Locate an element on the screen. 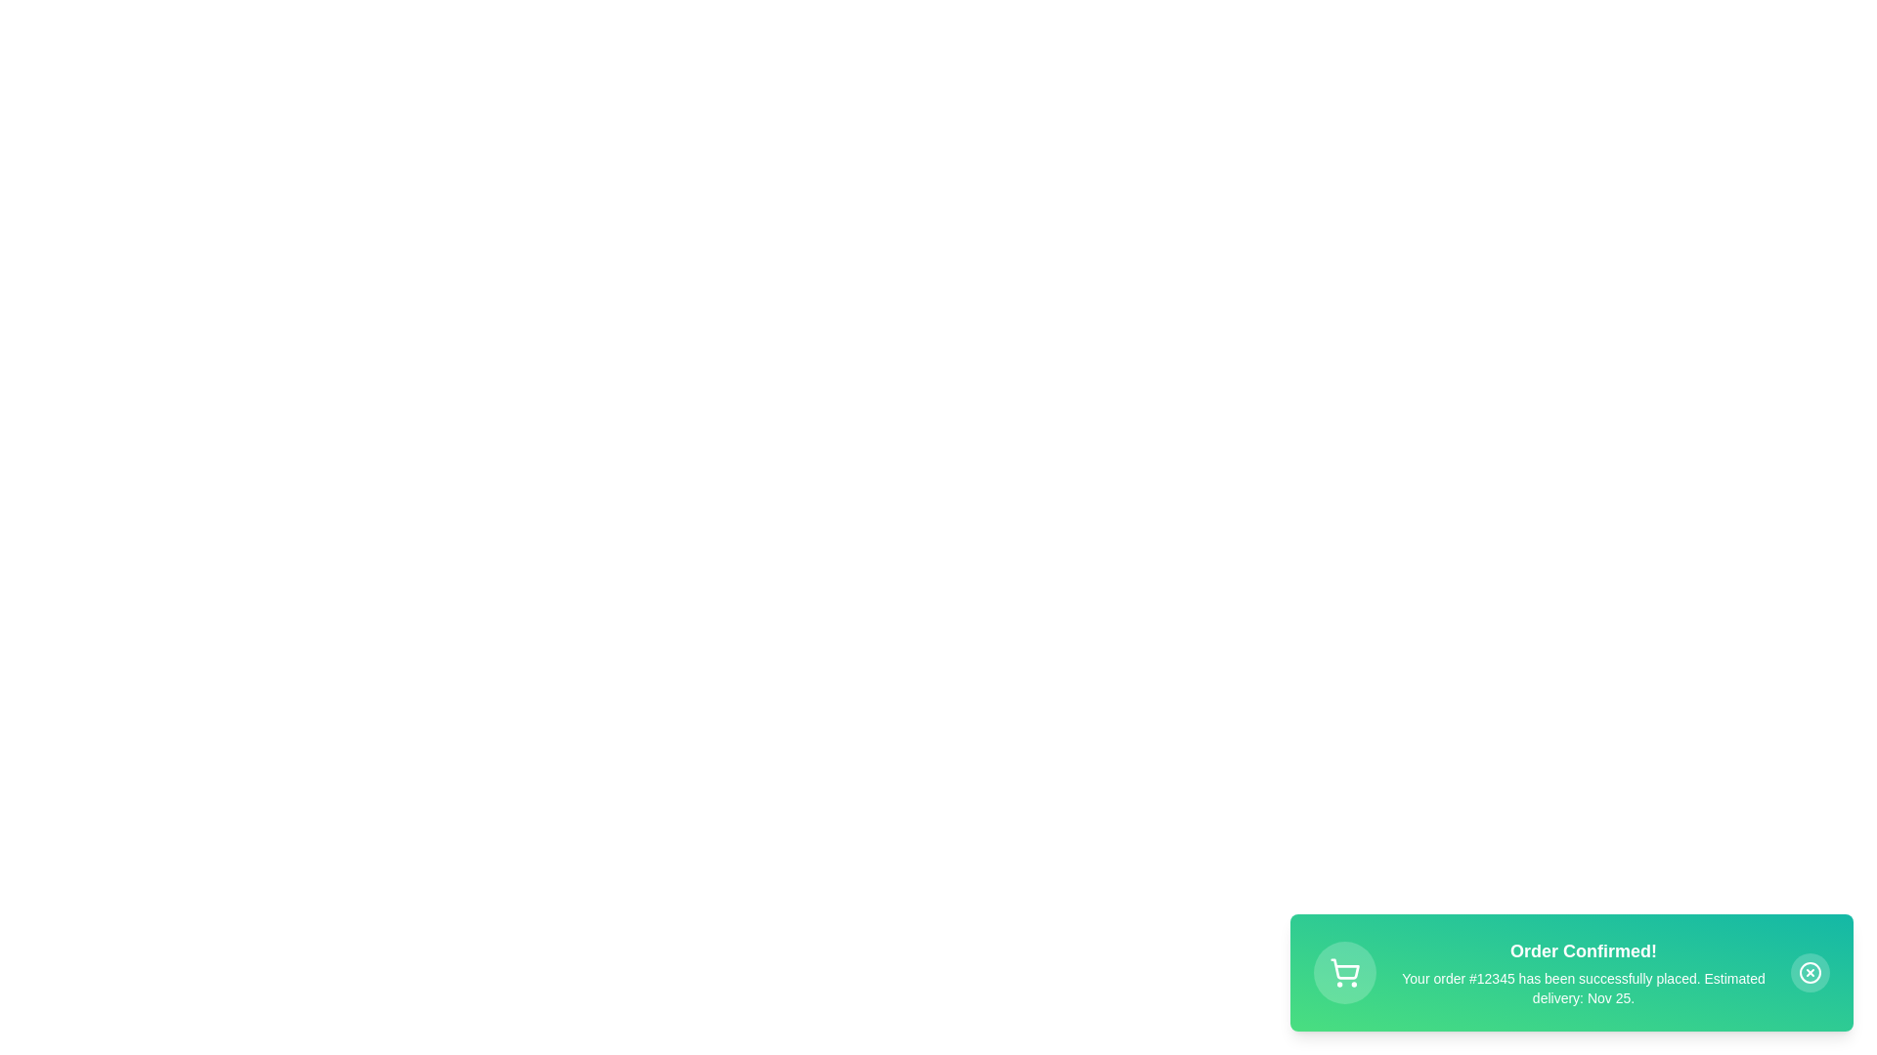  text content of the 'Order Confirmed!' notification, which displays order details on a green gradient background is located at coordinates (1584, 972).